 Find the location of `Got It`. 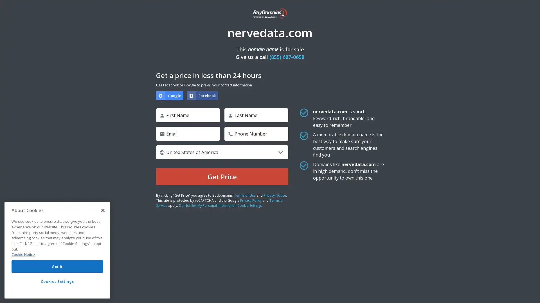

Got It is located at coordinates (57, 266).